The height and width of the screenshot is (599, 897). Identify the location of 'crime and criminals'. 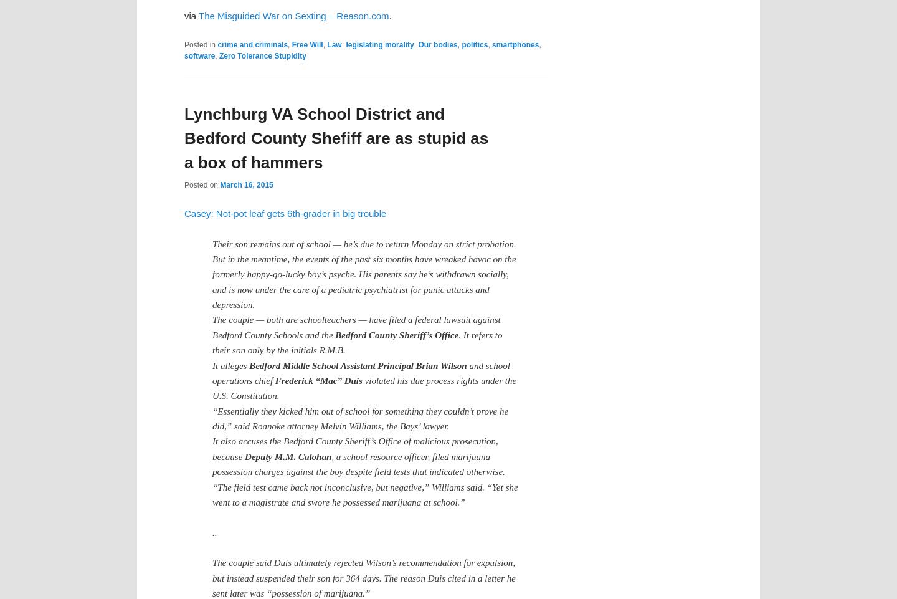
(217, 44).